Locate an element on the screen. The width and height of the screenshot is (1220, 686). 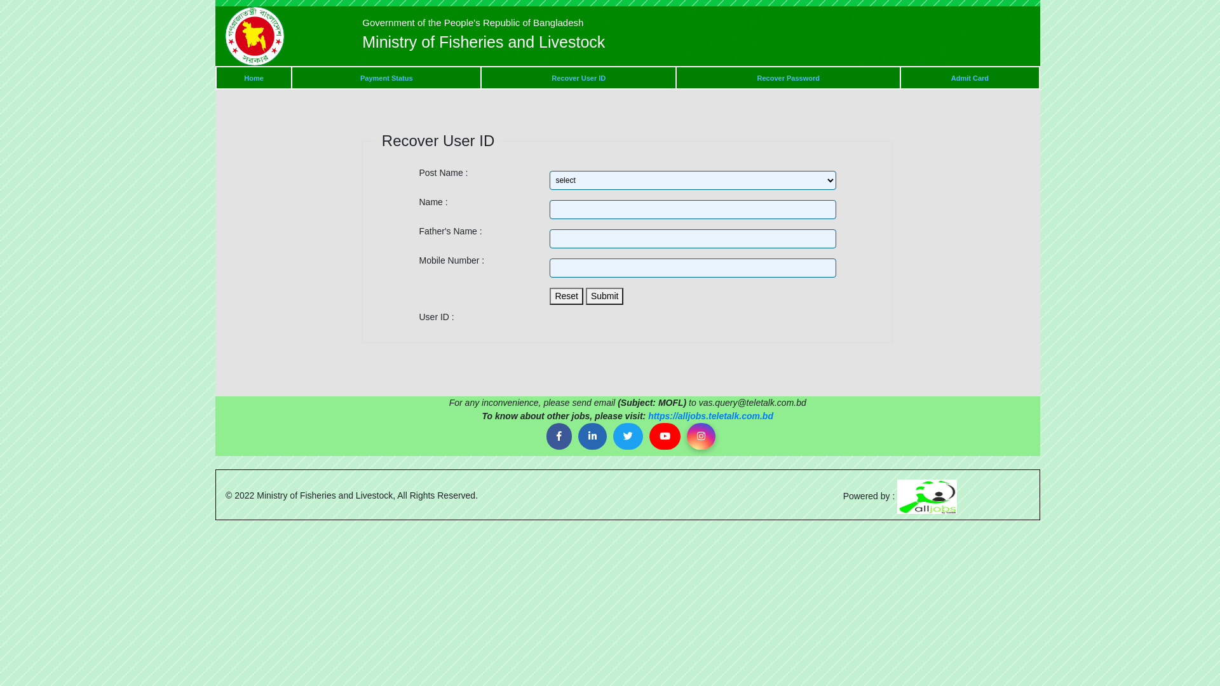
'Facebook' is located at coordinates (559, 436).